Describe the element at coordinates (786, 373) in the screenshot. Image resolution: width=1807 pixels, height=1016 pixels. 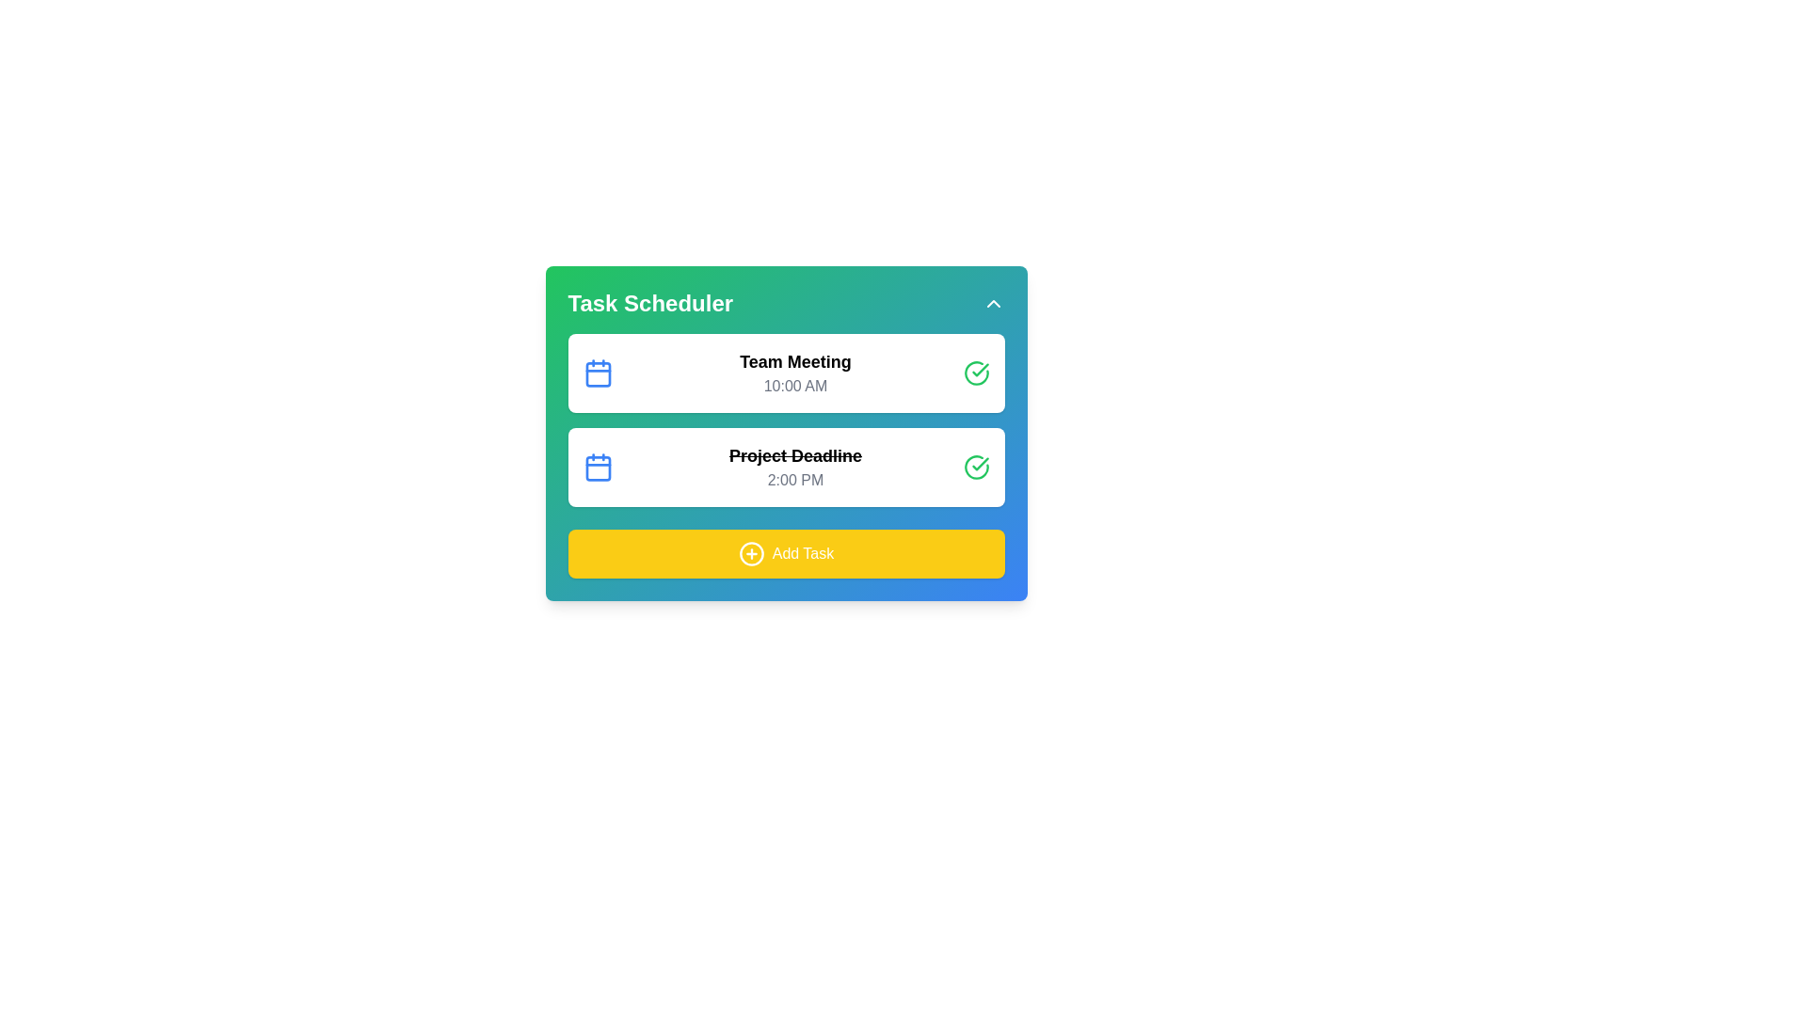
I see `task information displayed on the 'Team Meeting' informational card, which is the first in the 'Task Scheduler' list` at that location.